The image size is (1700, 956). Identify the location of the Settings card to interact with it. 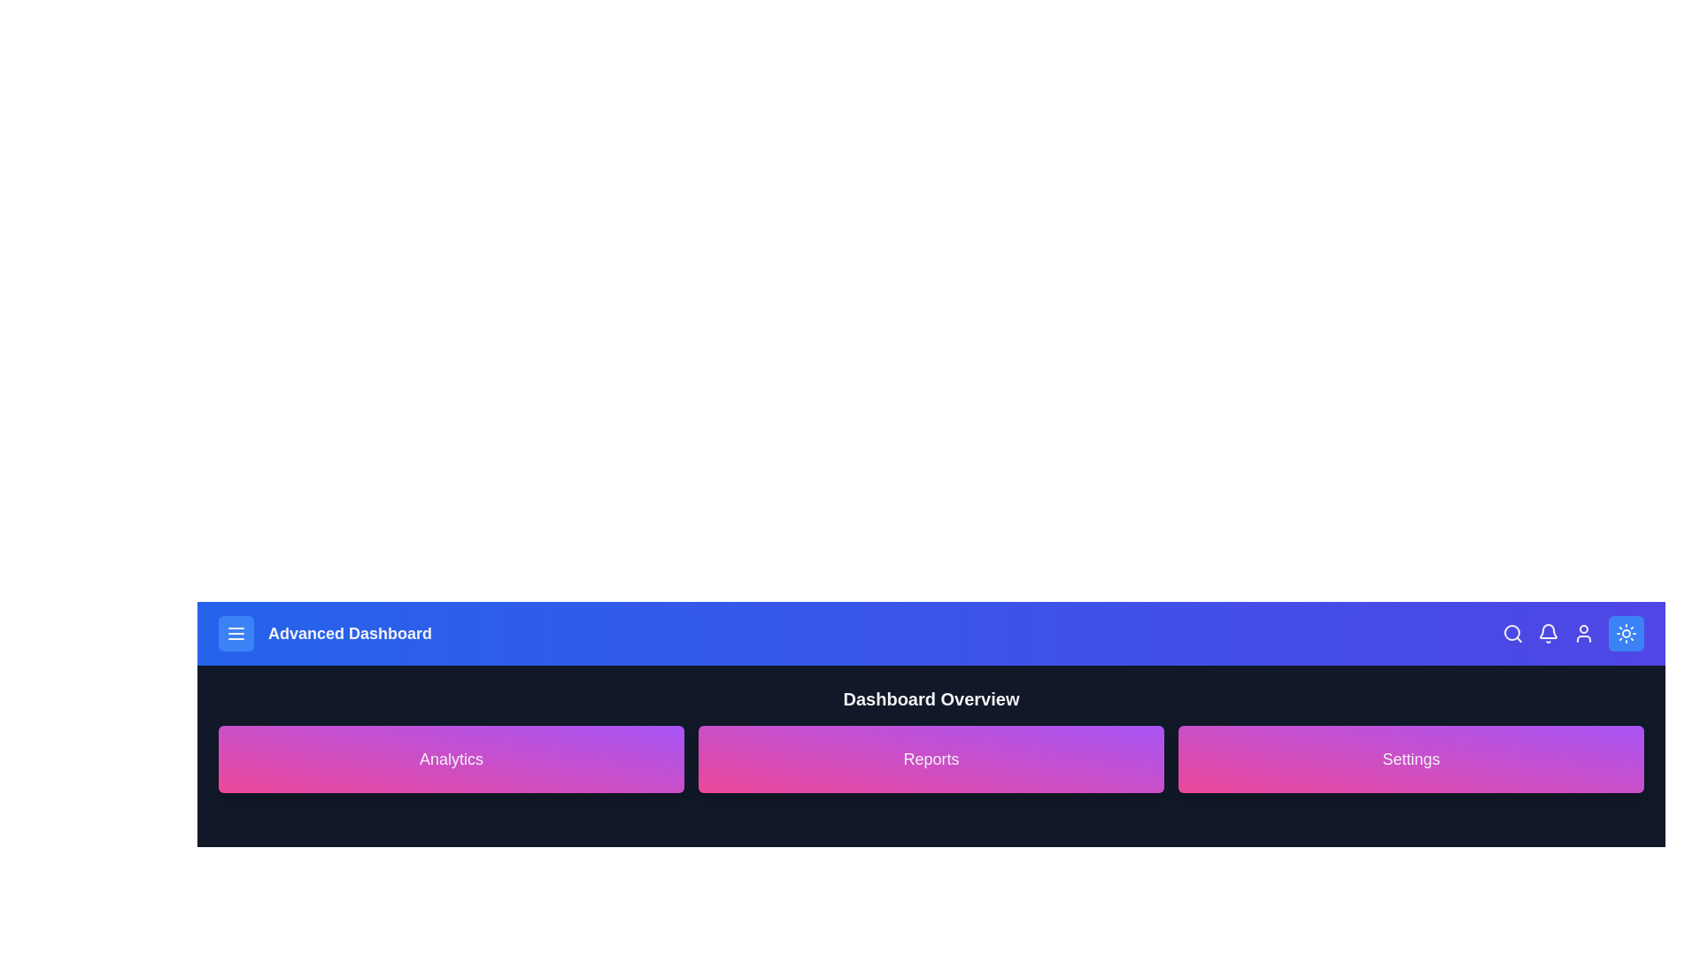
(1410, 758).